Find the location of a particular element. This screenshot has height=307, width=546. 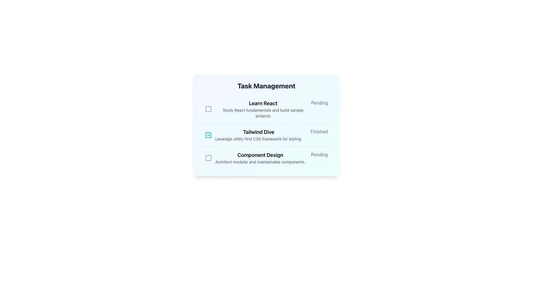

the unfilled gray outlined checkbox located to the left of the label text 'Component Design' is located at coordinates (208, 158).